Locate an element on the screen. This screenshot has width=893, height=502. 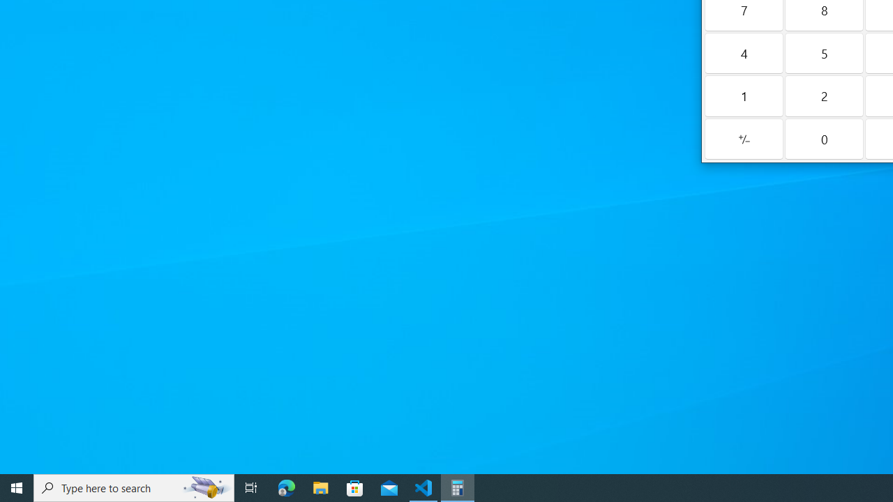
'Microsoft Edge' is located at coordinates (286, 487).